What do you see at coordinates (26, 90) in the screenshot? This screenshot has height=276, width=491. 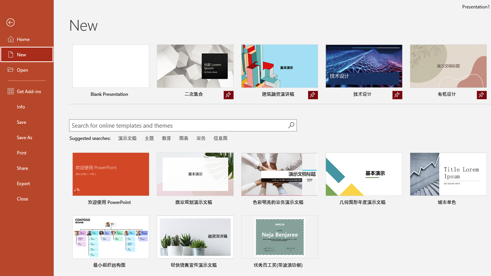 I see `'Get Add-ins'` at bounding box center [26, 90].